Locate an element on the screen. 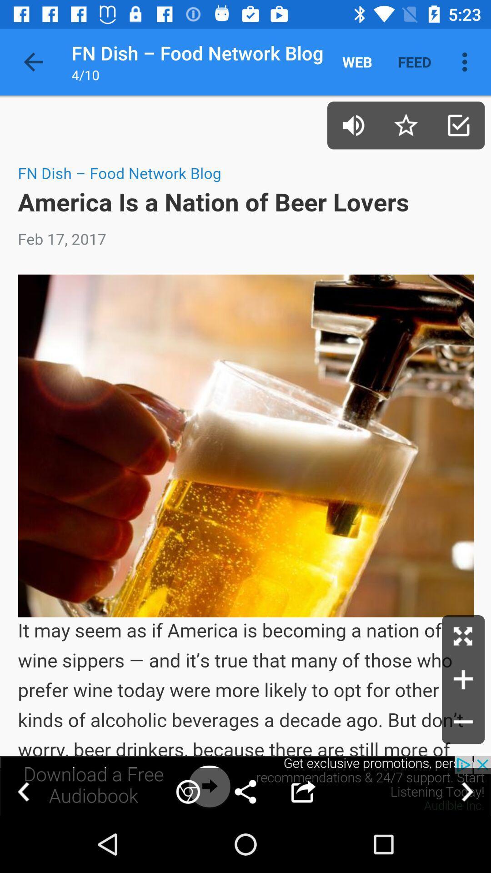 The image size is (491, 873). check list is located at coordinates (458, 125).